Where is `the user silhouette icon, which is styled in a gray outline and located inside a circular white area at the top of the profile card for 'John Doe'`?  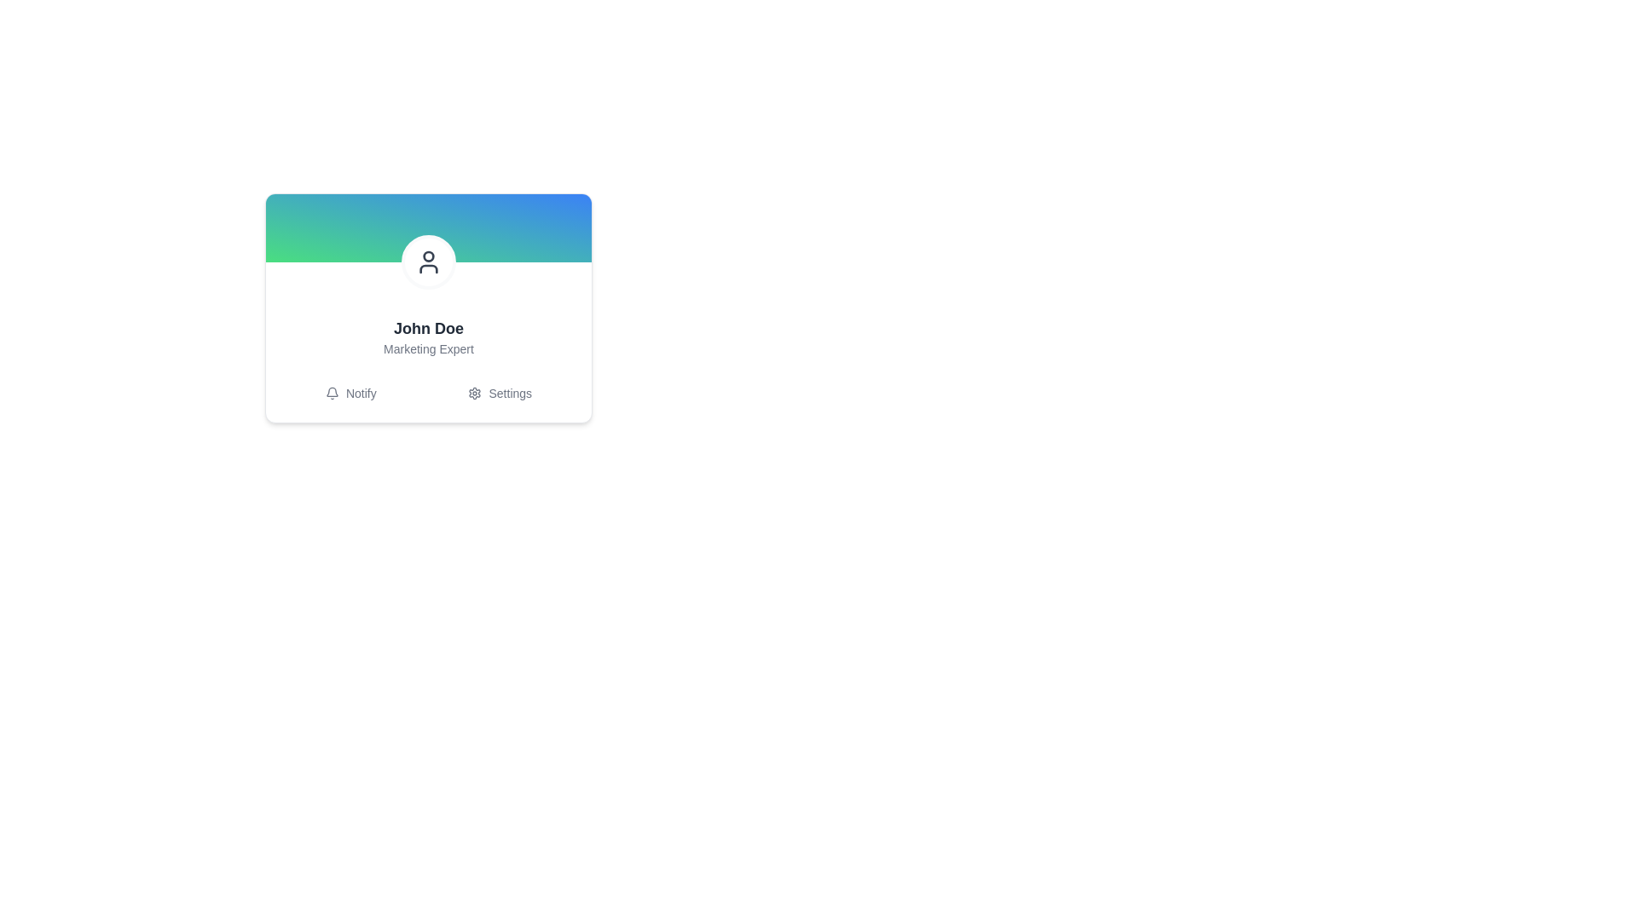 the user silhouette icon, which is styled in a gray outline and located inside a circular white area at the top of the profile card for 'John Doe' is located at coordinates (429, 262).